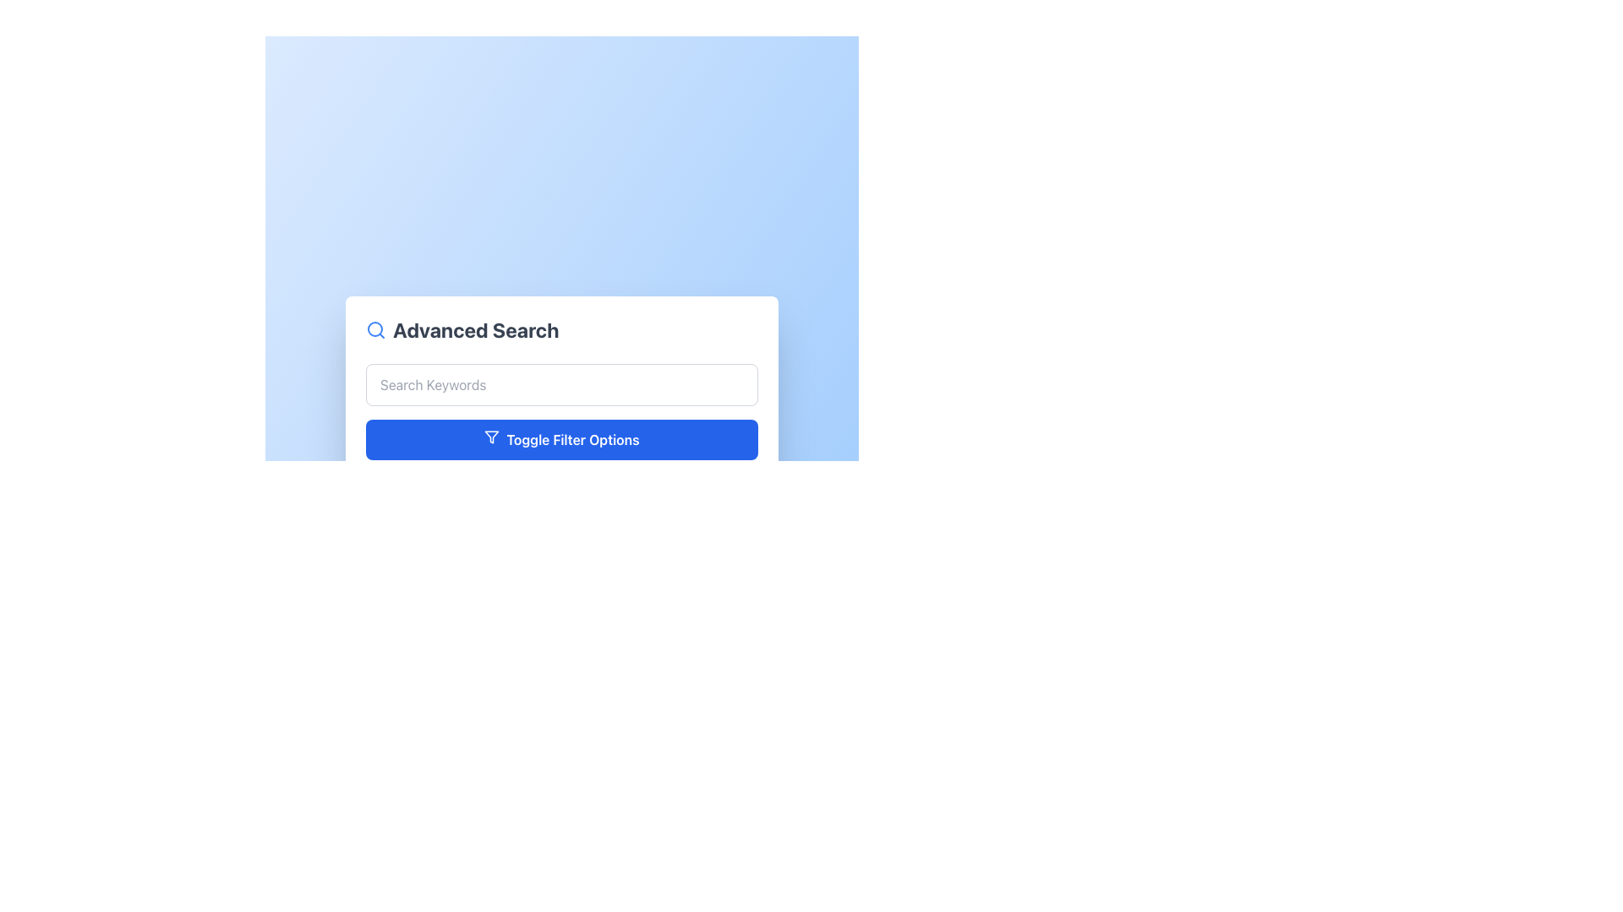 The height and width of the screenshot is (912, 1623). Describe the element at coordinates (491, 436) in the screenshot. I see `the triangular filter icon located to the left of the 'Toggle Filter Options' button` at that location.